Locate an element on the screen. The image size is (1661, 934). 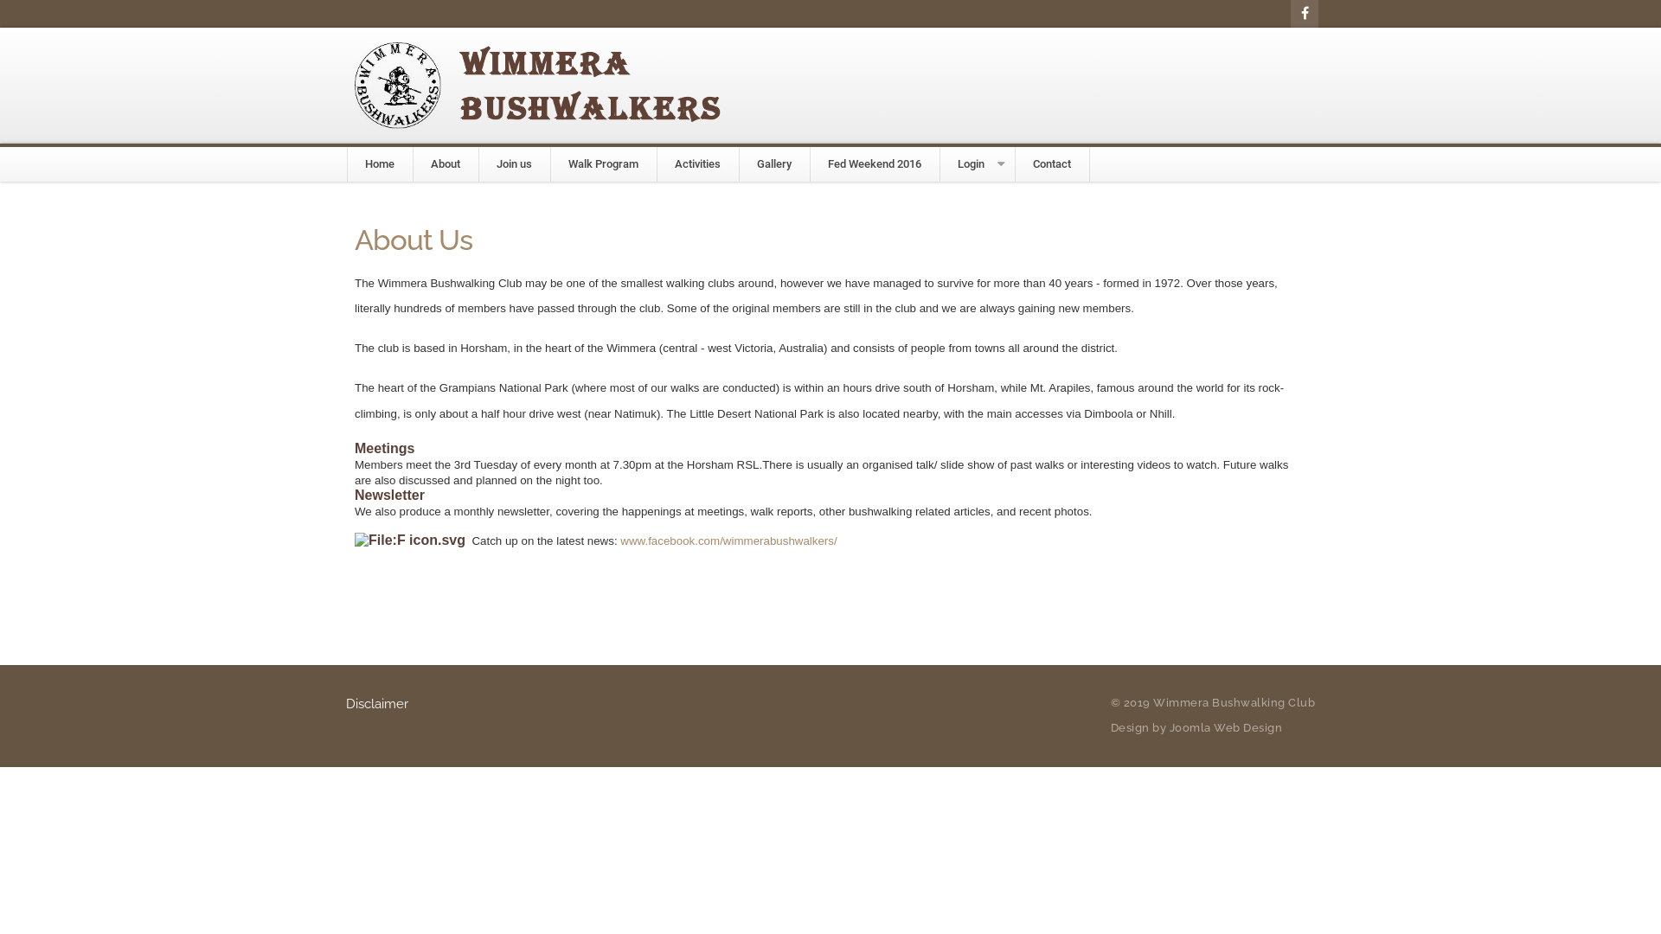
'Joomla Web Design' is located at coordinates (1225, 727).